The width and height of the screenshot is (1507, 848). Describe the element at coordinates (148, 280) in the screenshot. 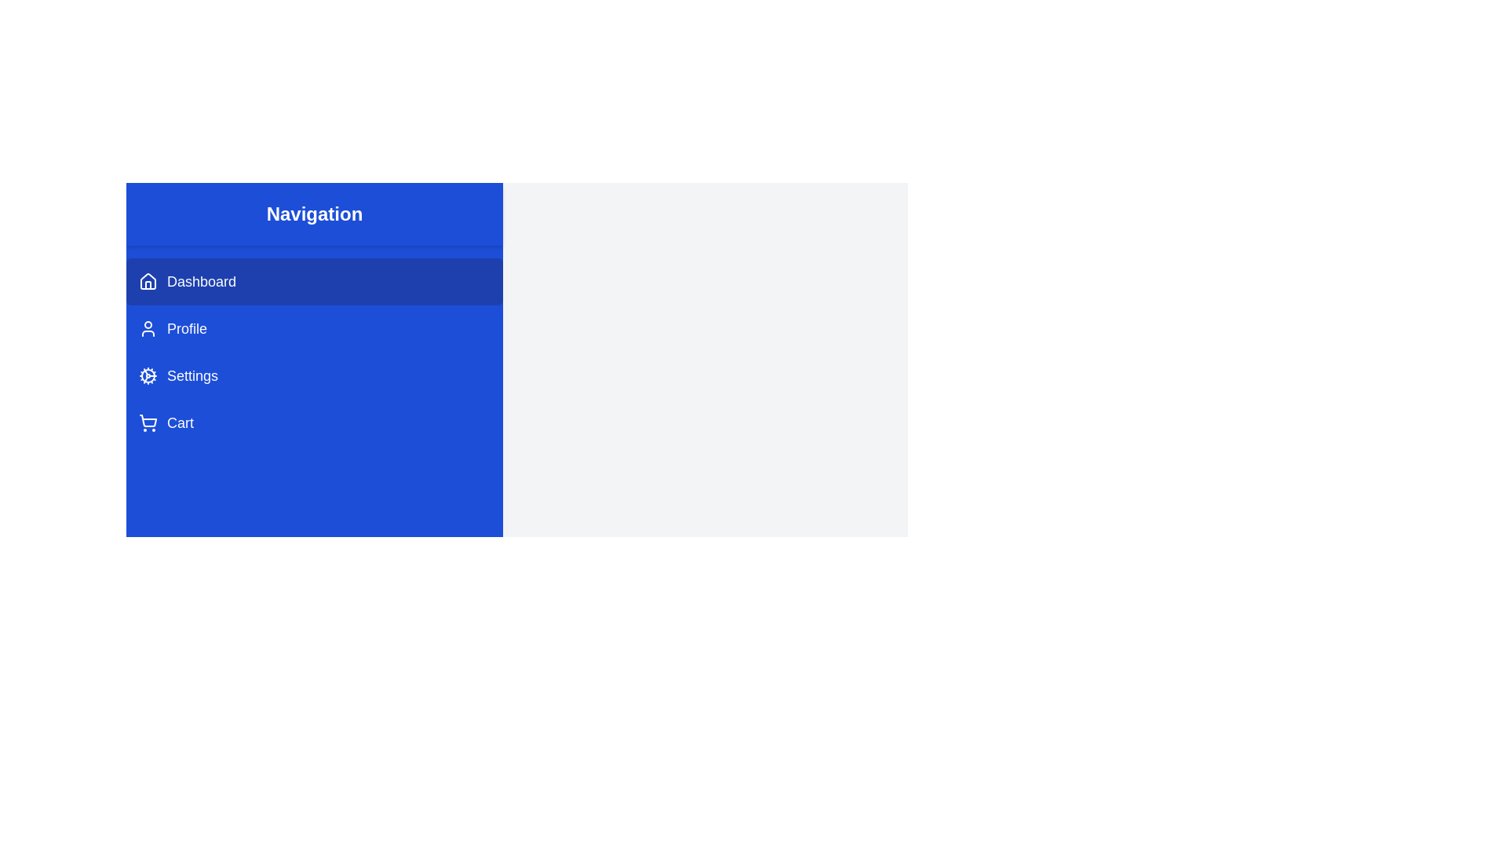

I see `the 'Dashboard' navigation button which encompasses the icon located towards the left side of the button` at that location.